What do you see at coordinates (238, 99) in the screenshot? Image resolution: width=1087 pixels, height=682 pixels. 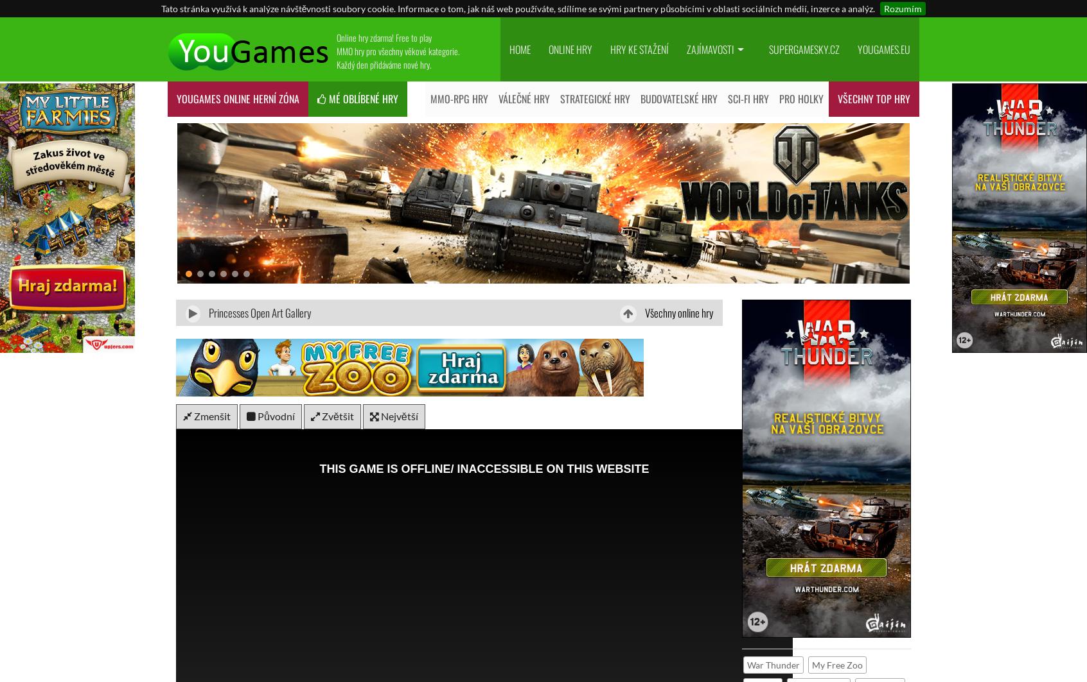 I see `'YouGames online HERNÍ ZÓNA'` at bounding box center [238, 99].